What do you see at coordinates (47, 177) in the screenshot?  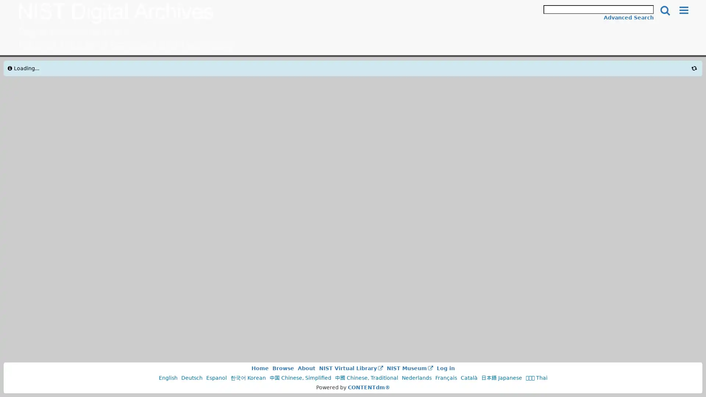 I see `Cancel` at bounding box center [47, 177].